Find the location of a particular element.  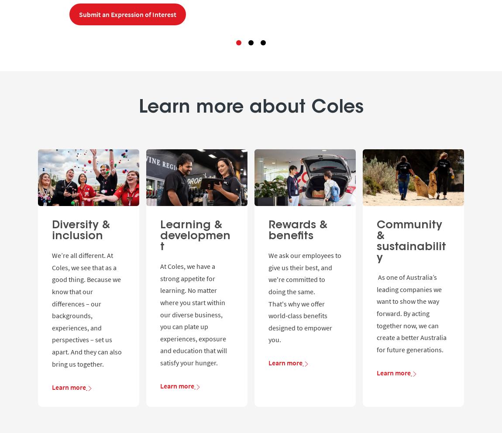

'We’re all different. At Coles, we see that as a good thing. Because we know that our differences – our backgrounds, experiences, and perspectives – set us apart. And they can also bring us together.' is located at coordinates (52, 309).